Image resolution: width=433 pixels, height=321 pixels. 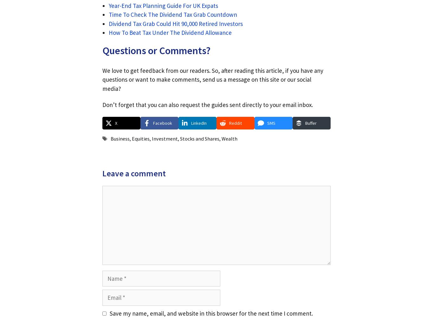 What do you see at coordinates (229, 139) in the screenshot?
I see `'Wealth'` at bounding box center [229, 139].